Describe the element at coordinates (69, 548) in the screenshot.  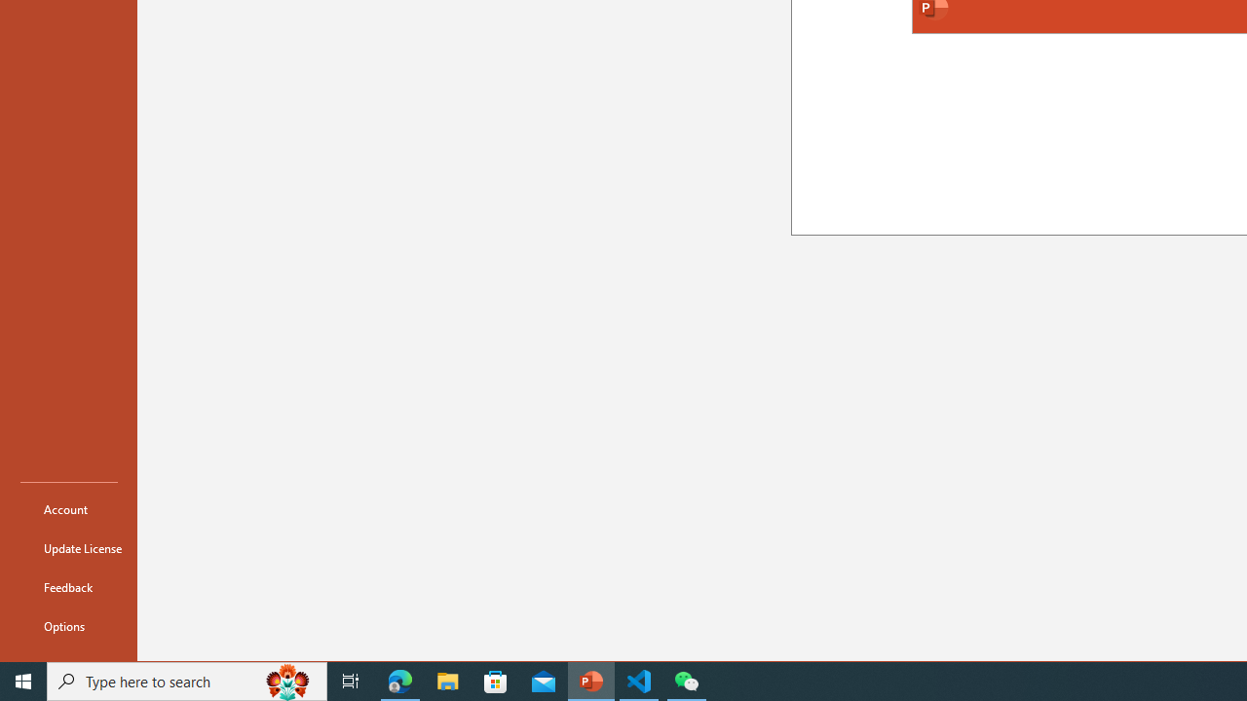
I see `'Update License'` at that location.